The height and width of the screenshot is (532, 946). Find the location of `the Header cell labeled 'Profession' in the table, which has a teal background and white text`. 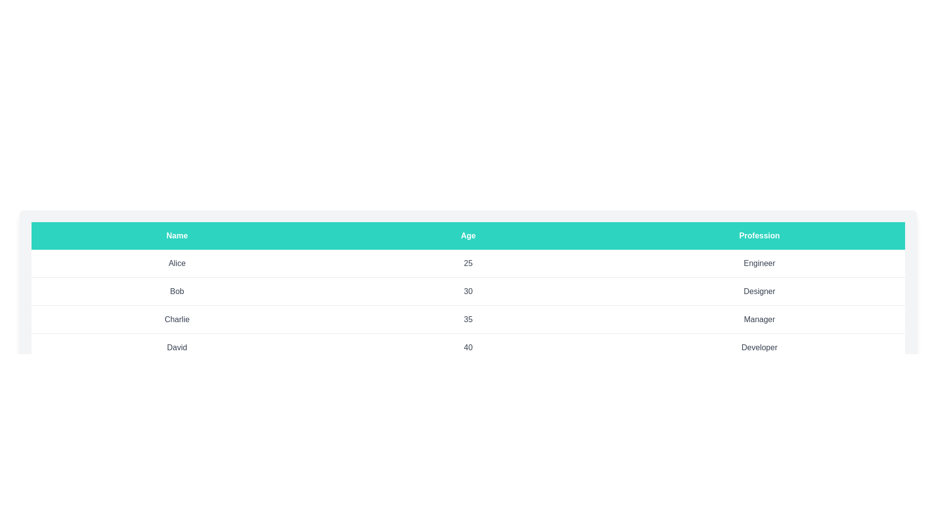

the Header cell labeled 'Profession' in the table, which has a teal background and white text is located at coordinates (759, 235).